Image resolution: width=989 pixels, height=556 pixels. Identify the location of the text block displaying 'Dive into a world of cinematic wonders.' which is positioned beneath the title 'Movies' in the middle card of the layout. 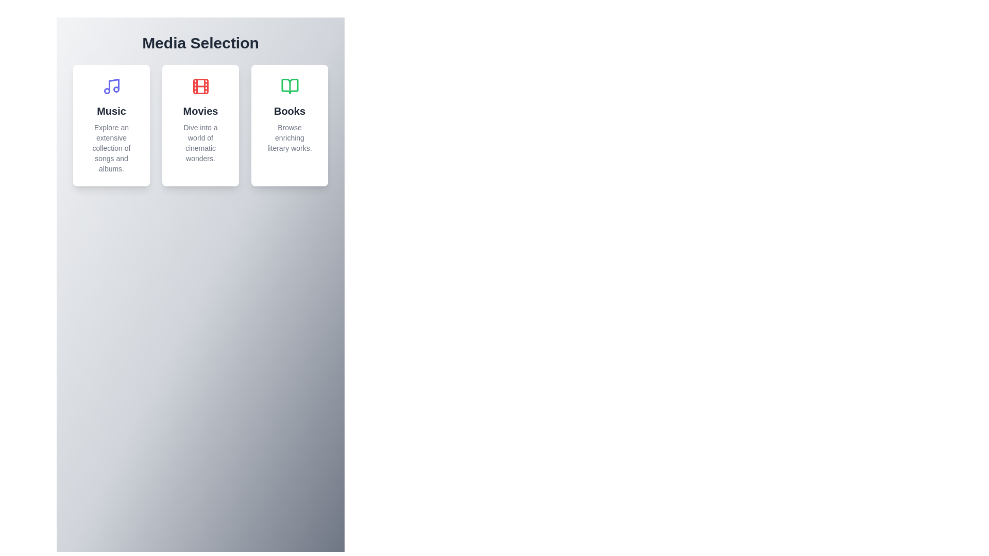
(200, 143).